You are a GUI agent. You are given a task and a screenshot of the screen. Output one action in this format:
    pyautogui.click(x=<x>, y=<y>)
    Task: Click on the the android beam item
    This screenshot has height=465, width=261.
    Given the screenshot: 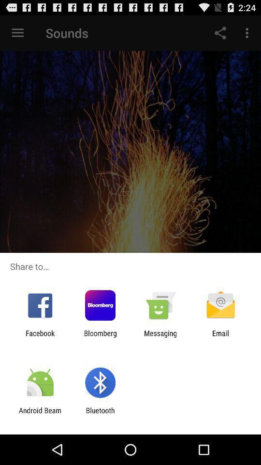 What is the action you would take?
    pyautogui.click(x=40, y=414)
    